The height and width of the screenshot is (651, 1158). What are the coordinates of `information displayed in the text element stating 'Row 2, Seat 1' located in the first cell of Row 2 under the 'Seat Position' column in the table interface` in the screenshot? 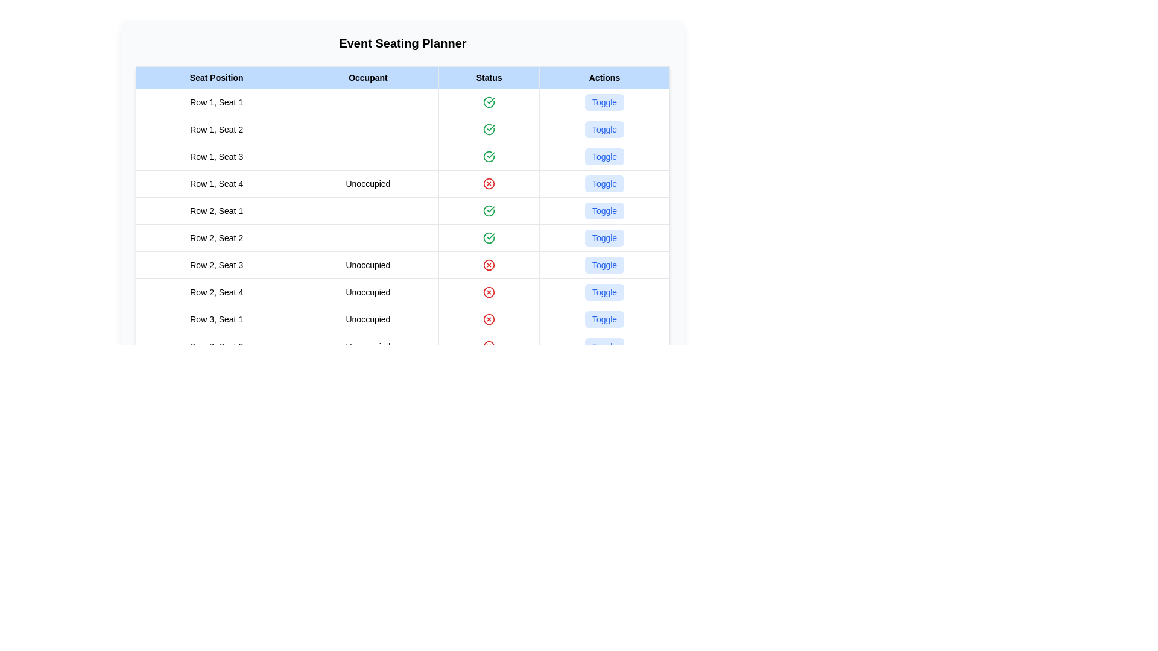 It's located at (217, 210).